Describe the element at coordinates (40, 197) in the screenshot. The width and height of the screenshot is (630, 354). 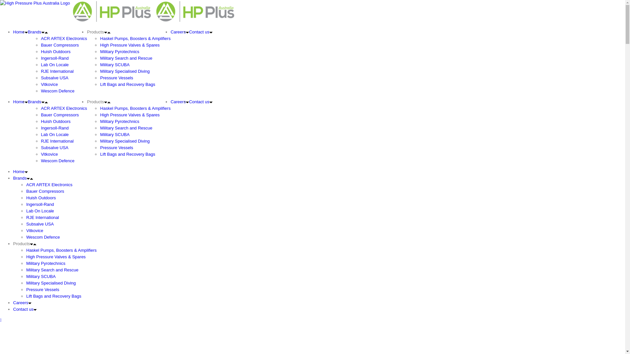
I see `'Huish Outdoors'` at that location.